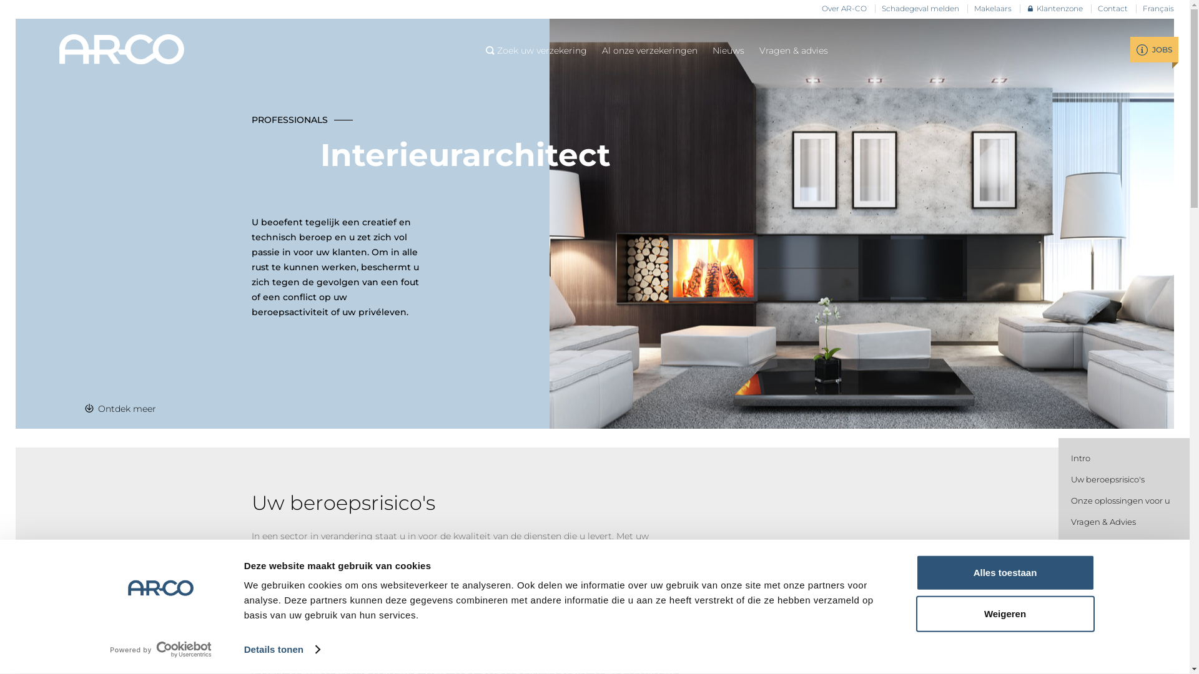  I want to click on 'Details tonen', so click(281, 649).